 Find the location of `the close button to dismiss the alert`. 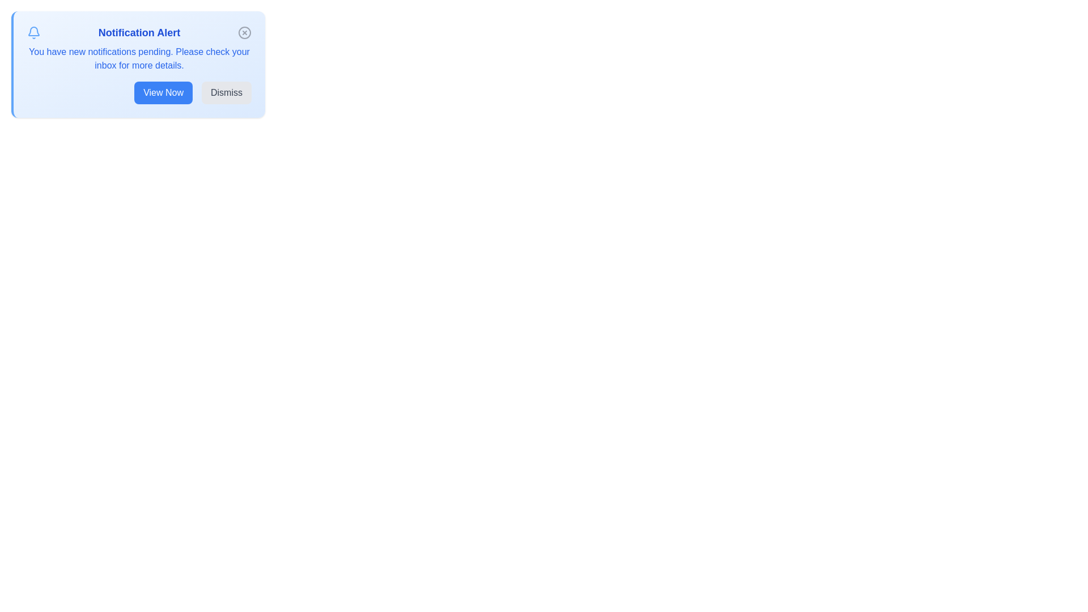

the close button to dismiss the alert is located at coordinates (244, 32).